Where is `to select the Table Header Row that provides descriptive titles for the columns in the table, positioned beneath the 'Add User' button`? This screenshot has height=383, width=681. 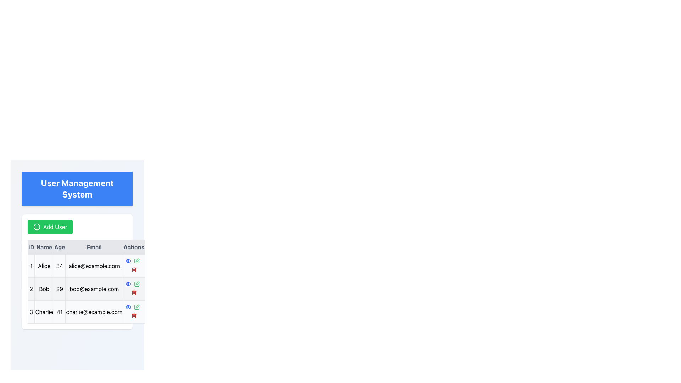
to select the Table Header Row that provides descriptive titles for the columns in the table, positioned beneath the 'Add User' button is located at coordinates (86, 247).